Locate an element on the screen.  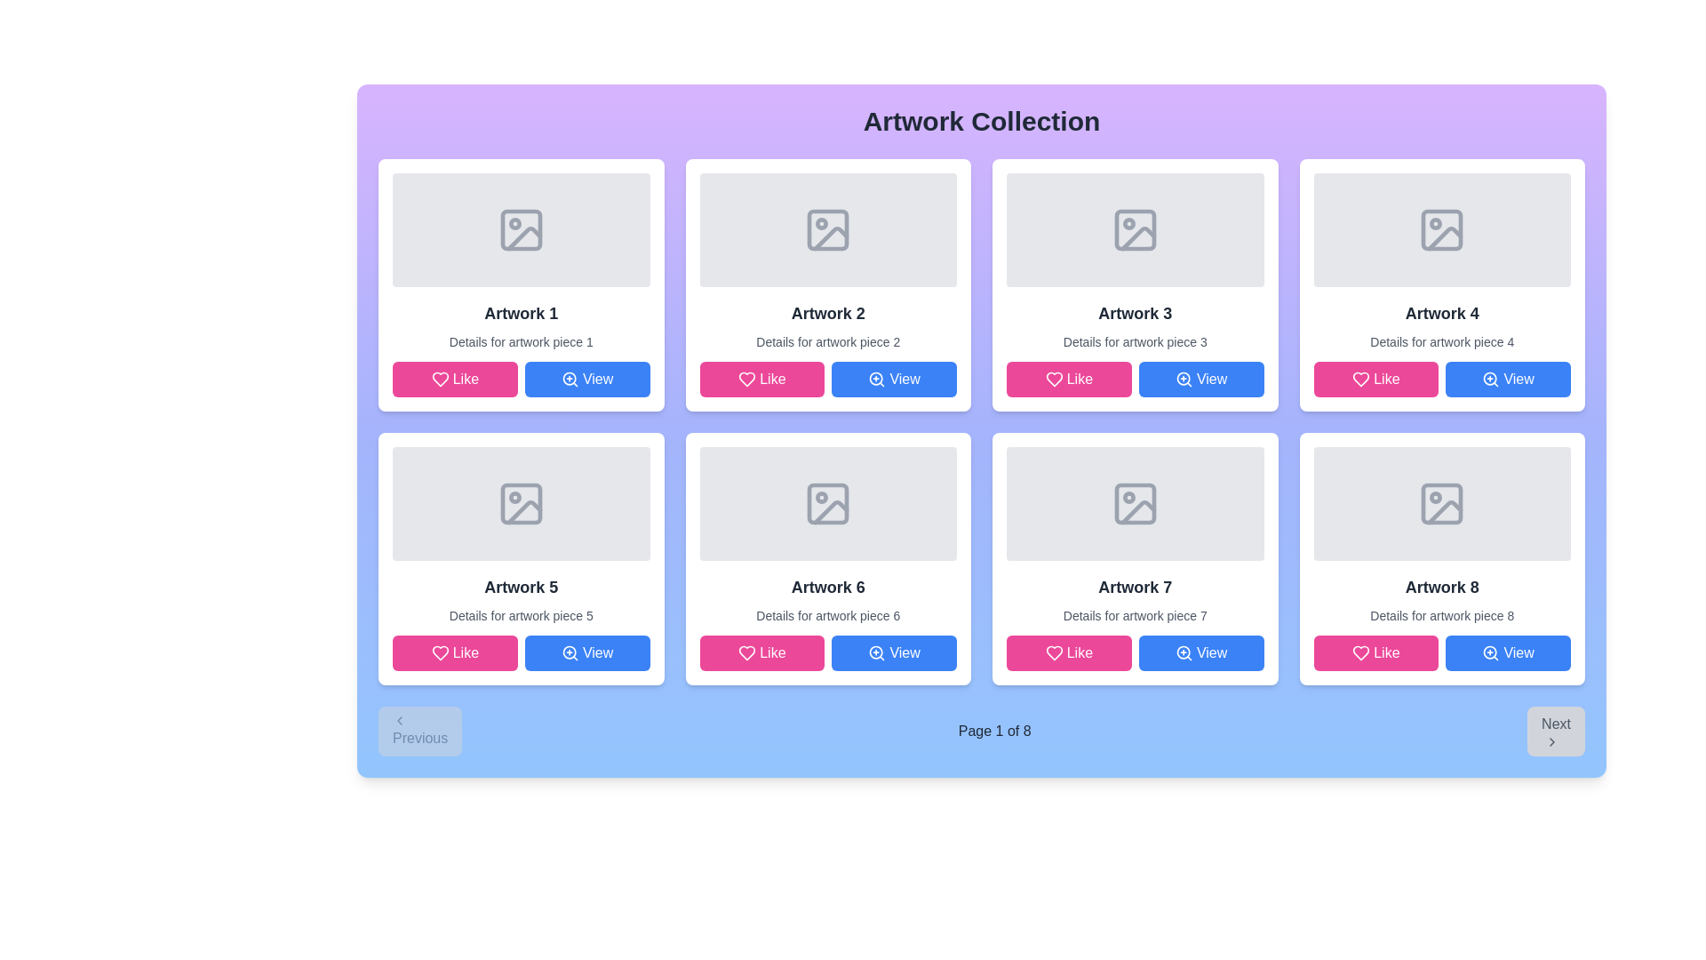
the pink 'Like' button with a heart icon located at the bottom-left corner of Artwork 8's card to like the artwork is located at coordinates (1375, 653).